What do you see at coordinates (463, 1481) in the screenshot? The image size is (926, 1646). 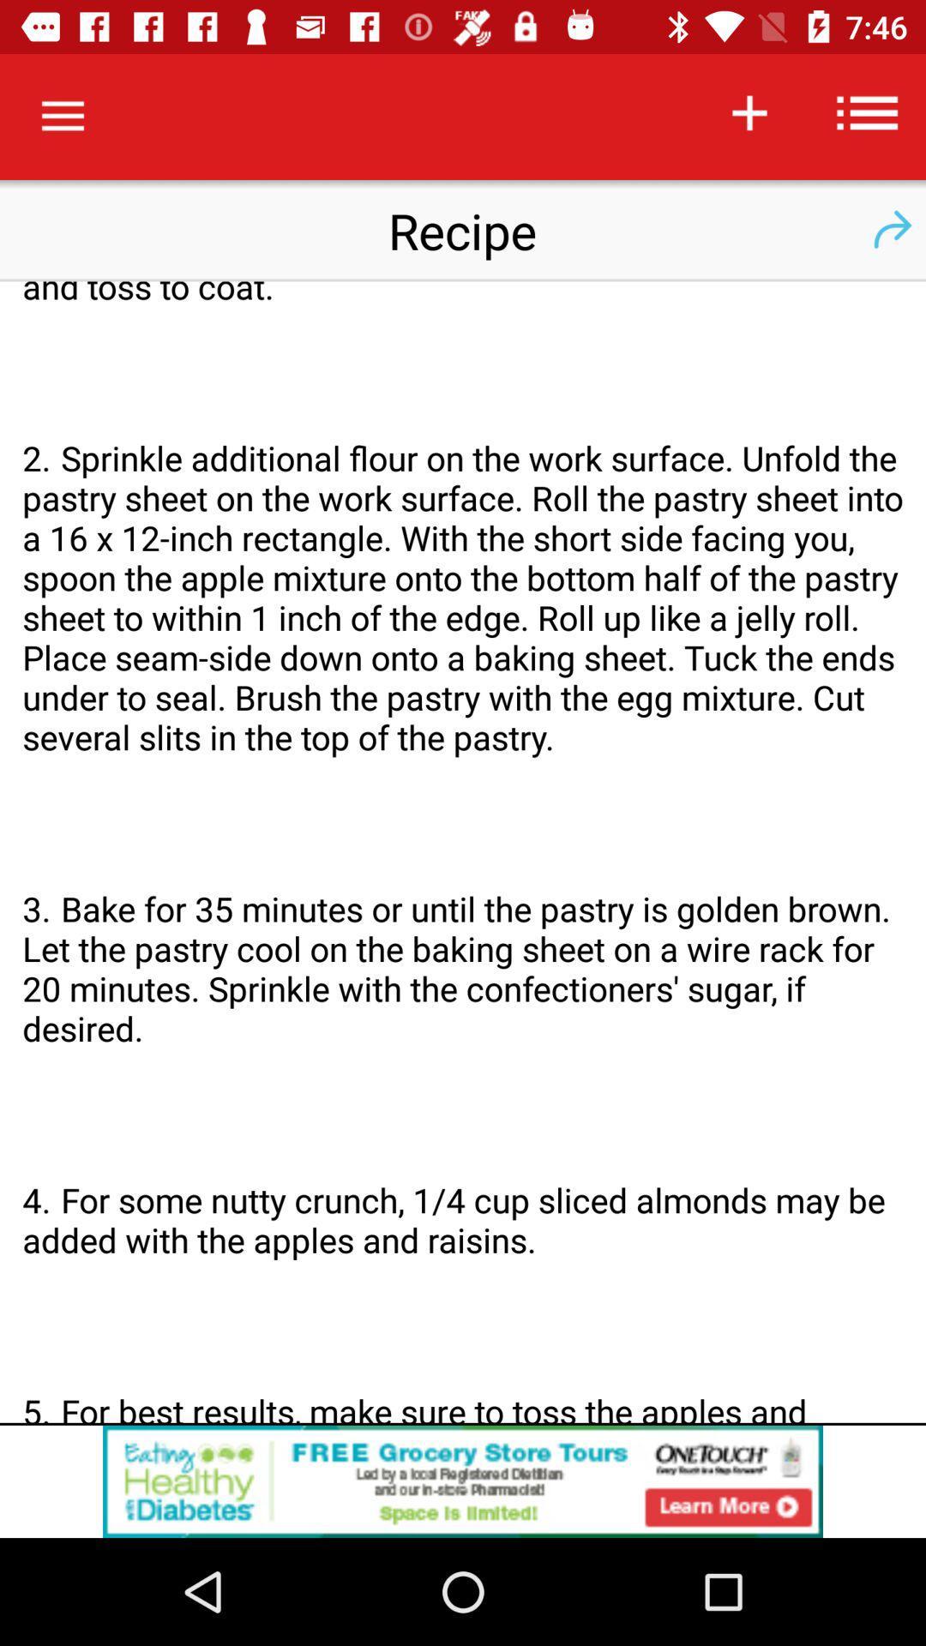 I see `click the advertisement` at bounding box center [463, 1481].